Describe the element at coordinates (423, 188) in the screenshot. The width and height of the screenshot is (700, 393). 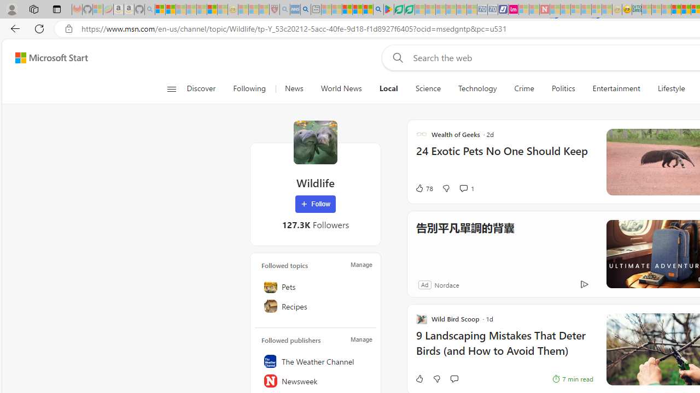
I see `'78 Like'` at that location.